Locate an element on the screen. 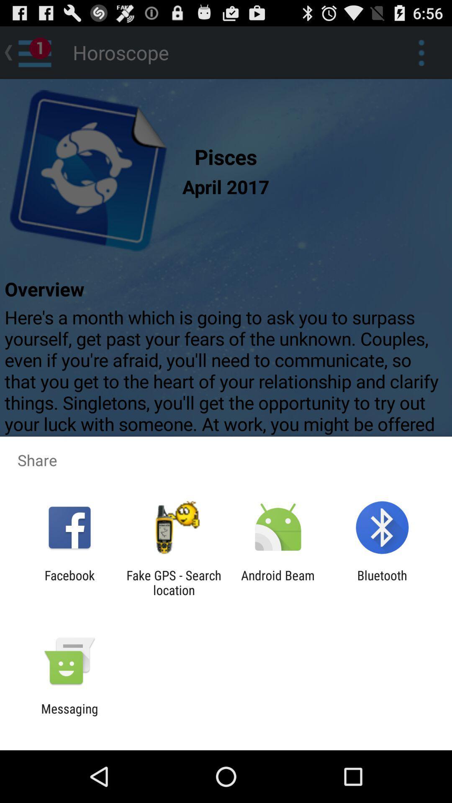 The width and height of the screenshot is (452, 803). the fake gps search app is located at coordinates (173, 582).